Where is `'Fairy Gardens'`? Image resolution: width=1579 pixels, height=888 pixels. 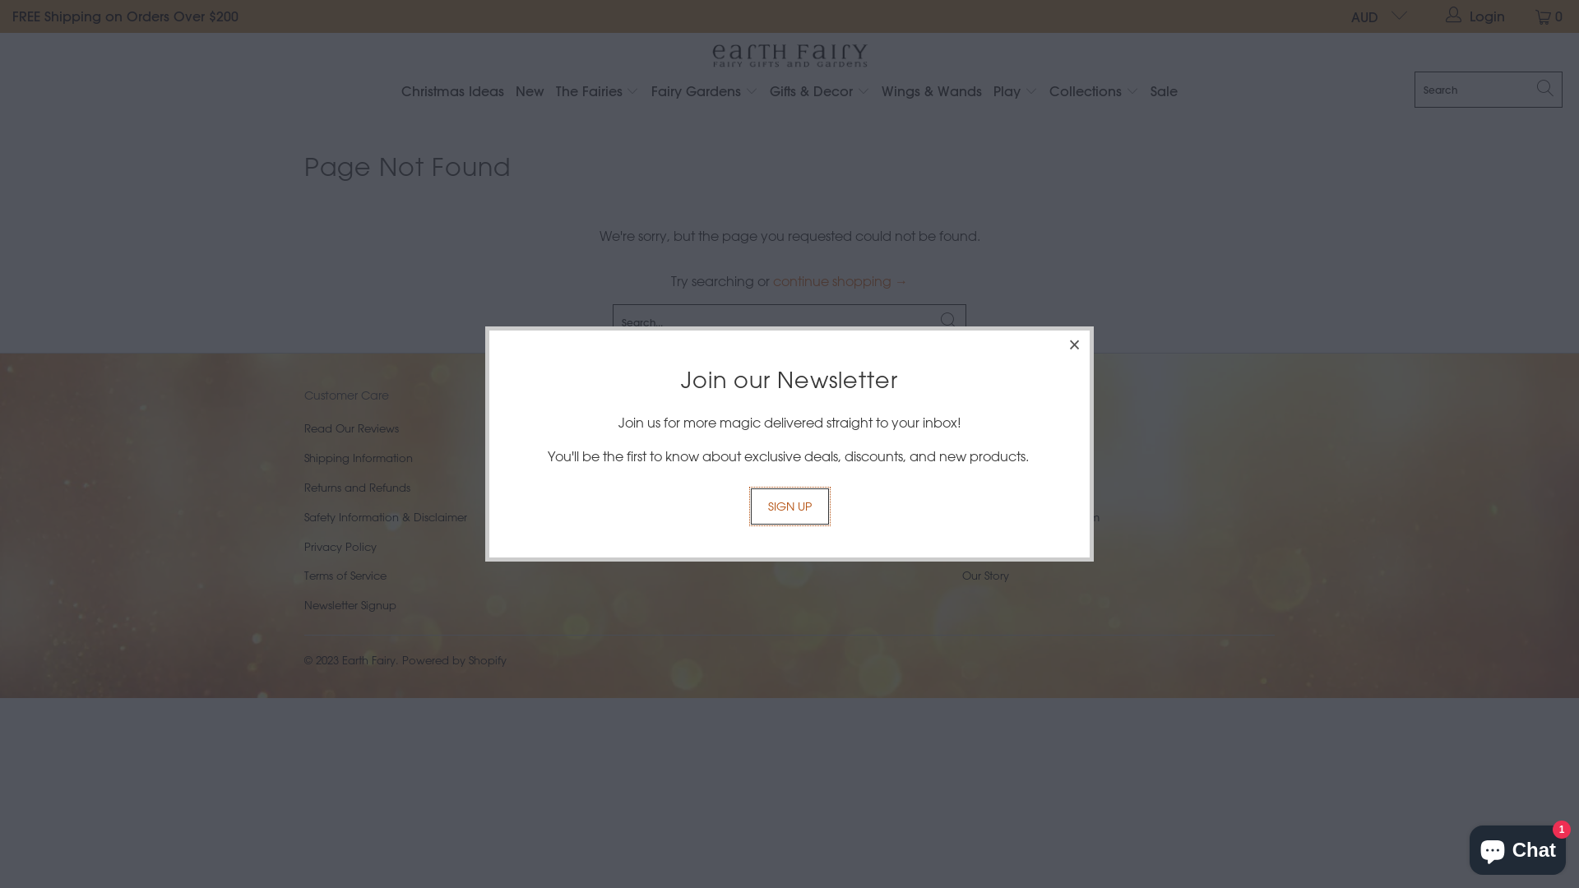
'Fairy Gardens' is located at coordinates (705, 92).